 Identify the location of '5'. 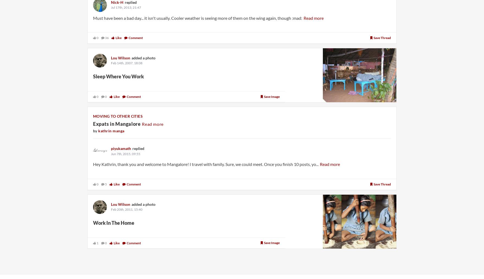
(104, 184).